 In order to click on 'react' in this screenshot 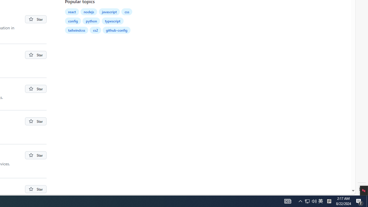, I will do `click(72, 12)`.